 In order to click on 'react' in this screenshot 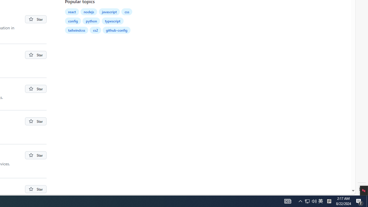, I will do `click(72, 12)`.